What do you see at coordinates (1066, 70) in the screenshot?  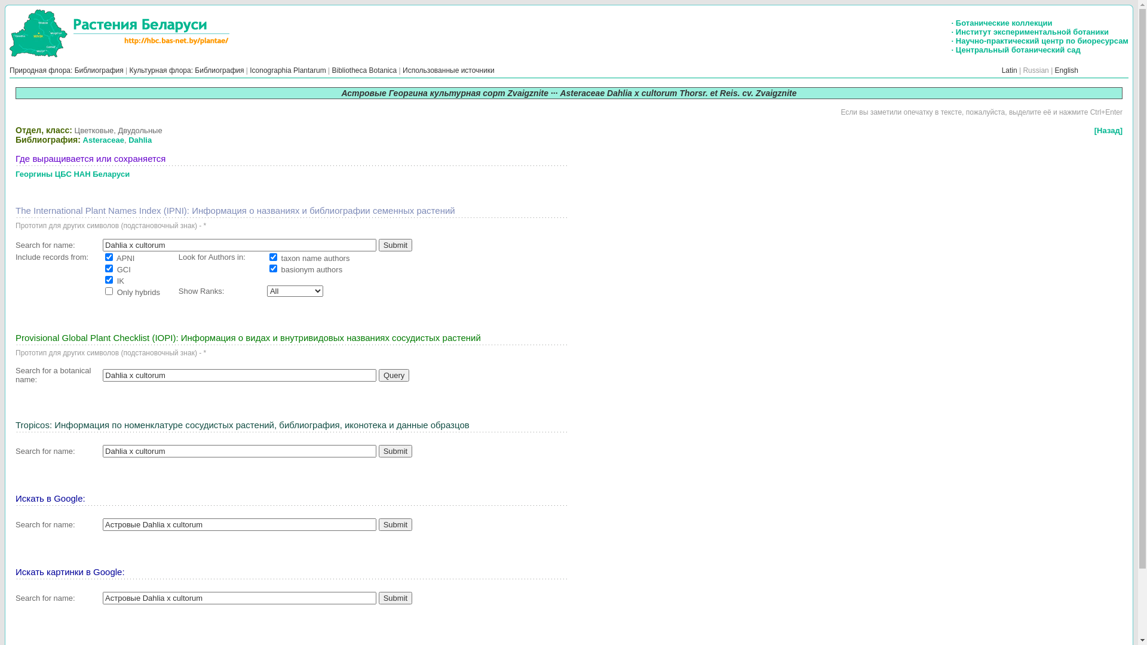 I see `'English'` at bounding box center [1066, 70].